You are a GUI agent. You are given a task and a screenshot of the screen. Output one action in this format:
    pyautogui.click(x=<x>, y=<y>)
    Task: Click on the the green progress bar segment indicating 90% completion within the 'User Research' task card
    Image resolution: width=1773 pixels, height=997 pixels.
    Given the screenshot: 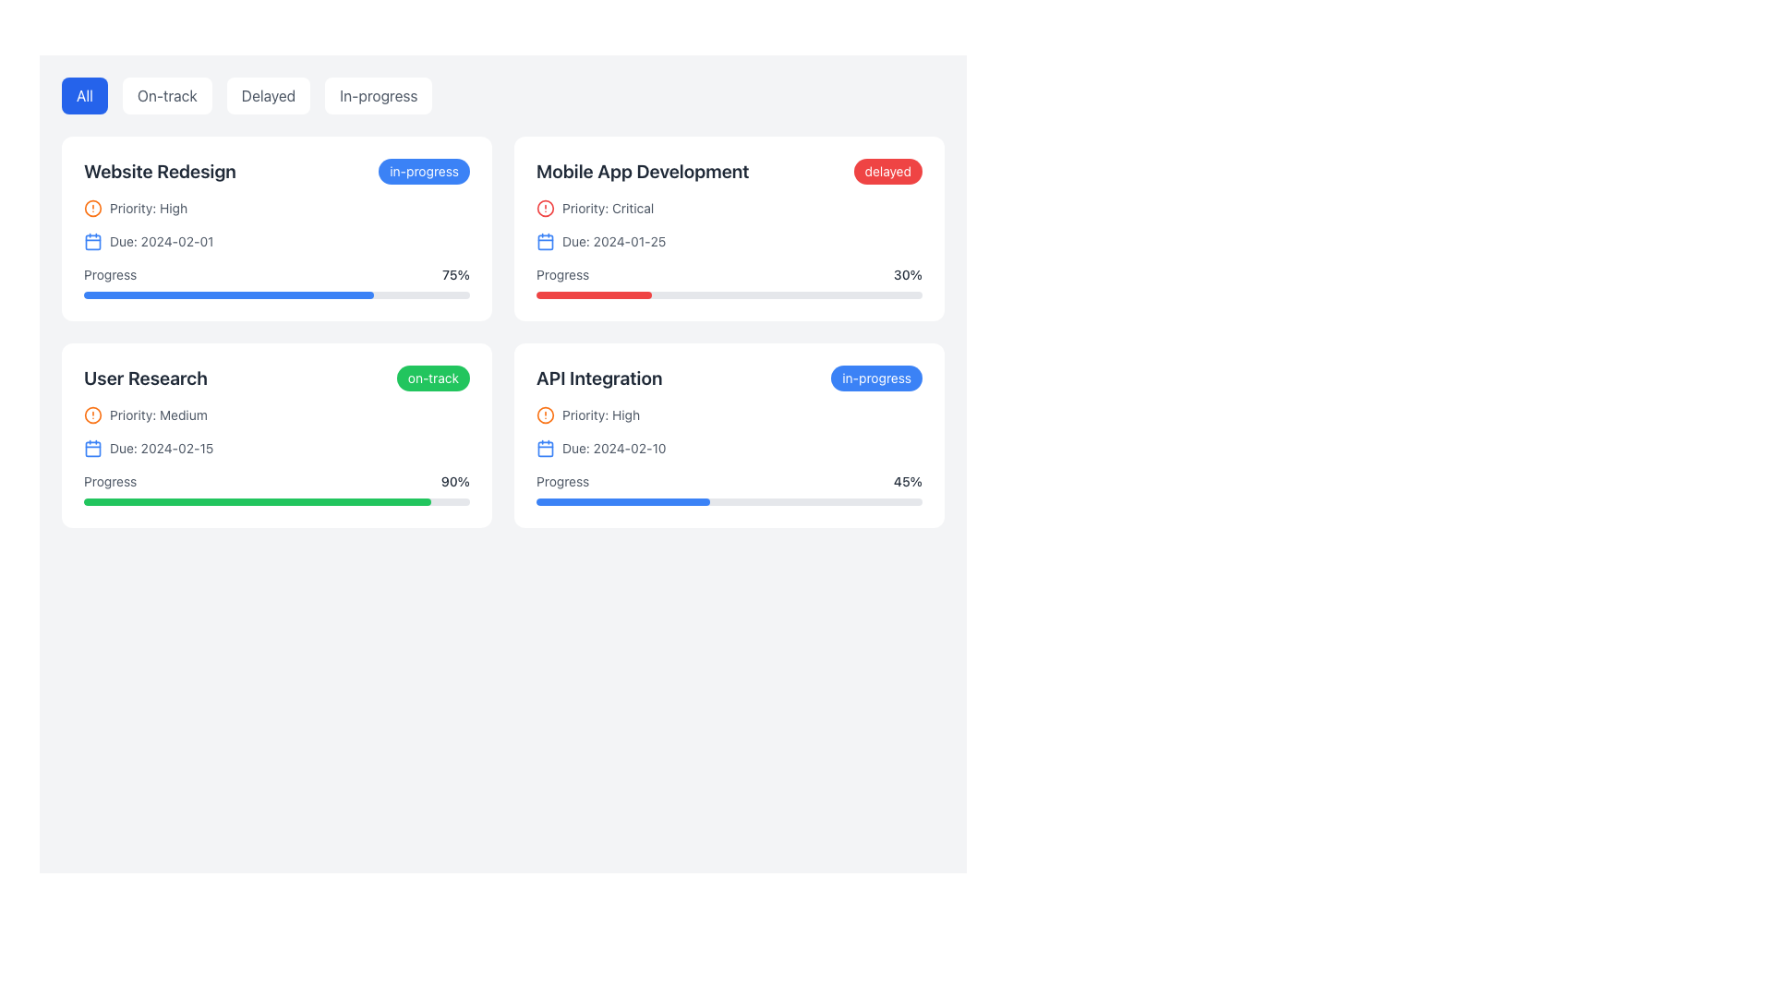 What is the action you would take?
    pyautogui.click(x=257, y=501)
    